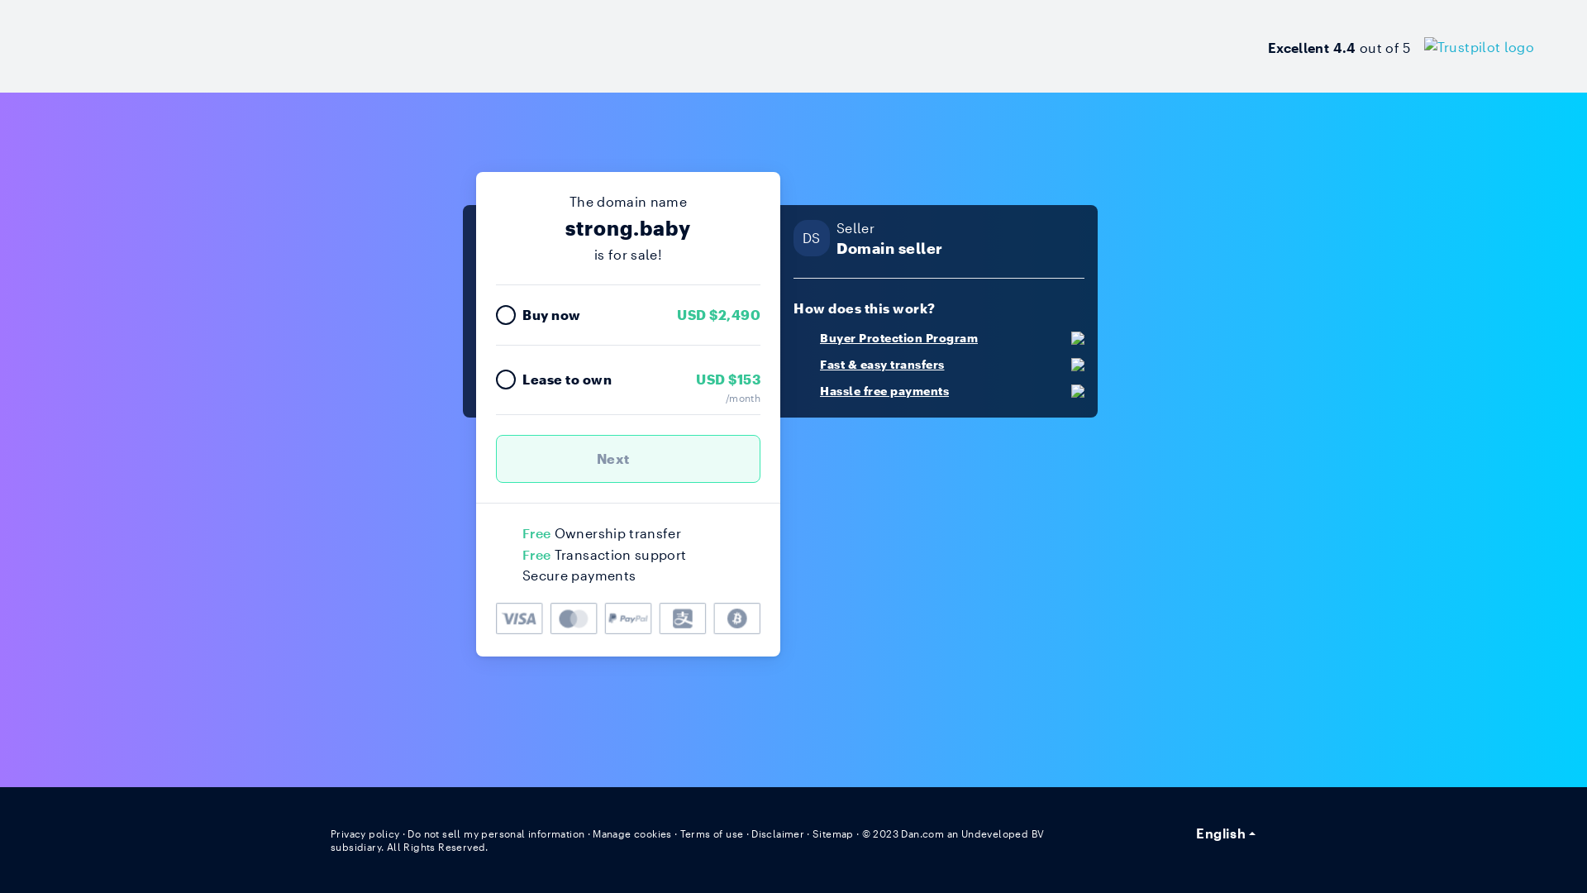 Image resolution: width=1587 pixels, height=893 pixels. What do you see at coordinates (1399, 45) in the screenshot?
I see `'Excellent 4.4 out of 5'` at bounding box center [1399, 45].